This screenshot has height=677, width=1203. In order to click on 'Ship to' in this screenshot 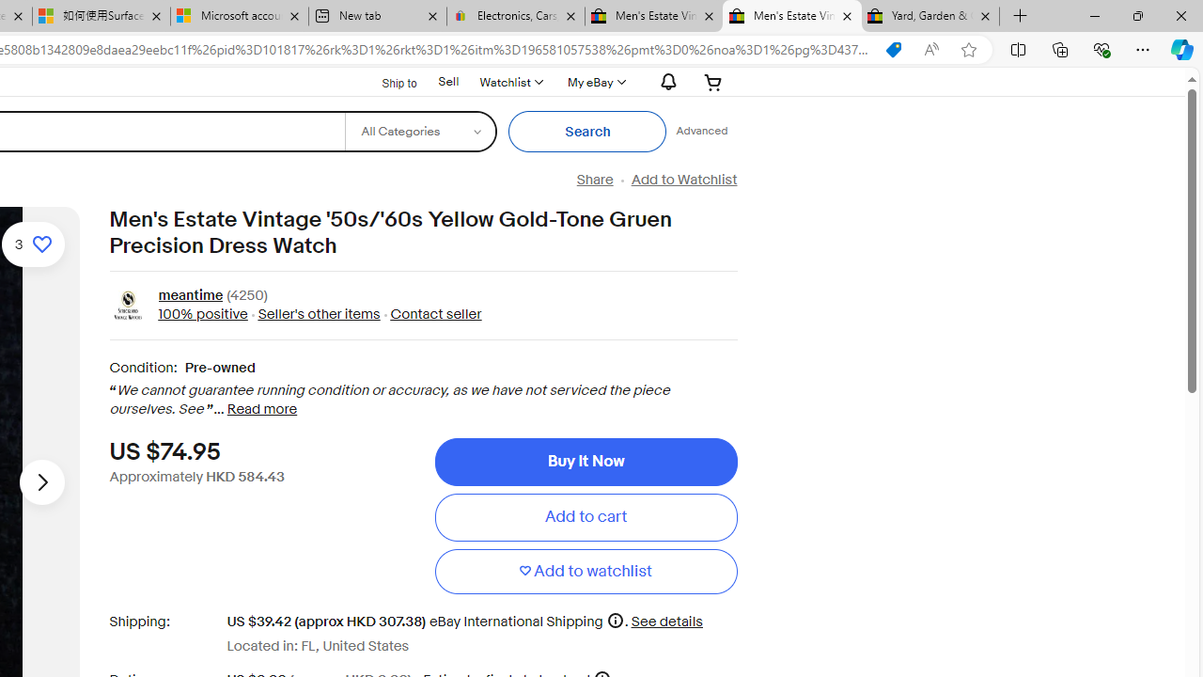, I will do `click(386, 82)`.